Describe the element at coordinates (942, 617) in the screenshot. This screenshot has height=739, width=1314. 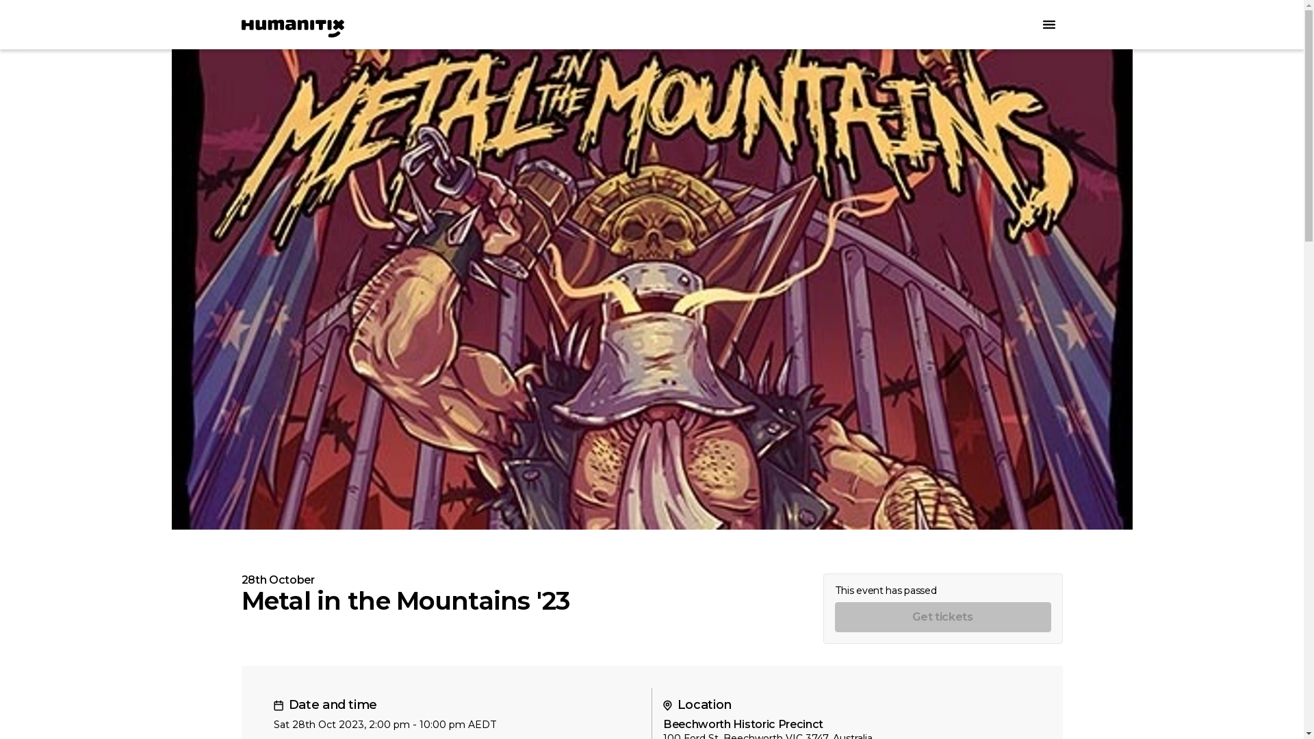
I see `'Get tickets'` at that location.